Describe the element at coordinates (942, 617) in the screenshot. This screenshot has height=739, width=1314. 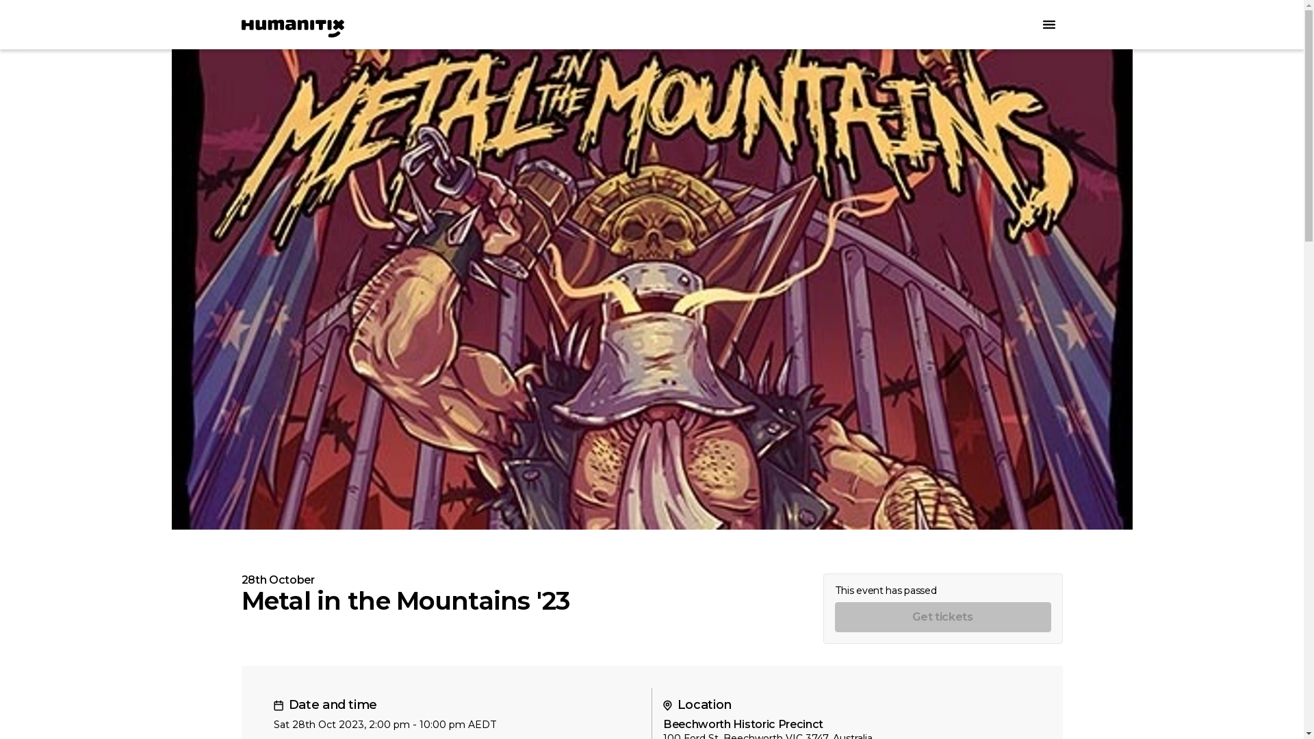
I see `'Get tickets'` at that location.